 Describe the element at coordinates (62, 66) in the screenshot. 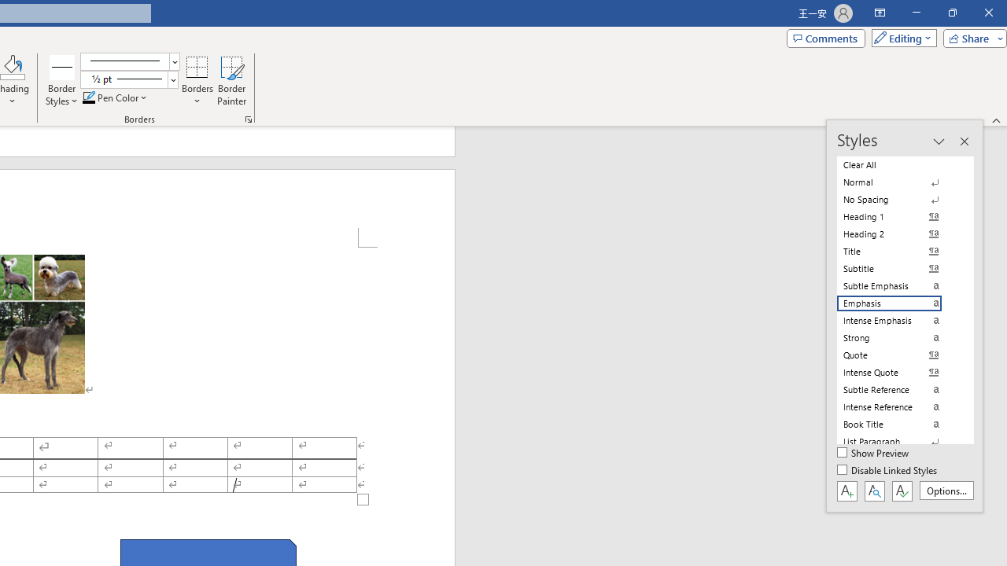

I see `'Border Styles'` at that location.